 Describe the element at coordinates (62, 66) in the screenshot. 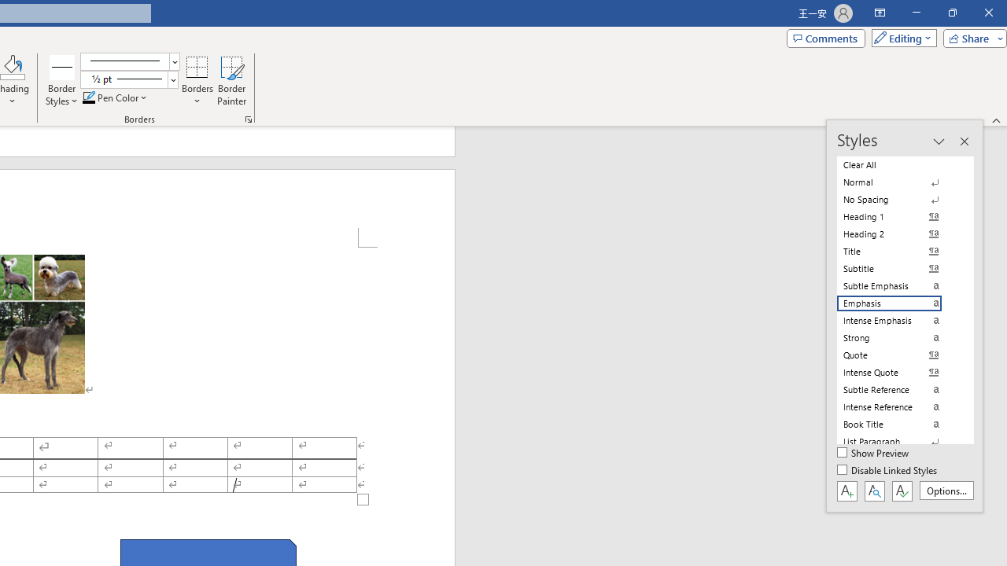

I see `'Border Styles'` at that location.